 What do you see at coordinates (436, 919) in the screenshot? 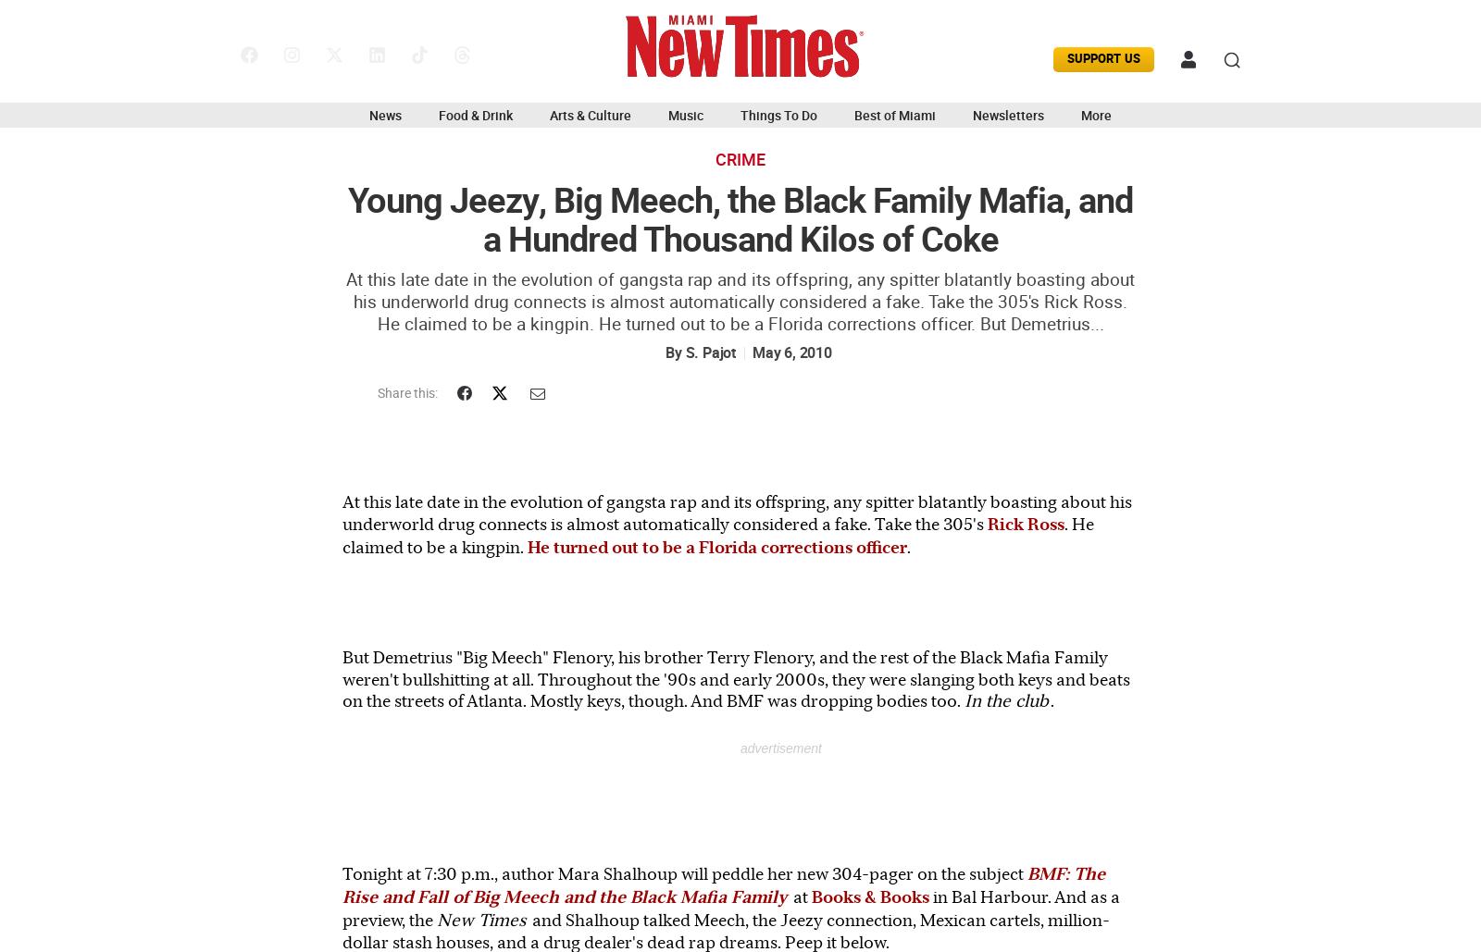
I see `'New Times'` at bounding box center [436, 919].